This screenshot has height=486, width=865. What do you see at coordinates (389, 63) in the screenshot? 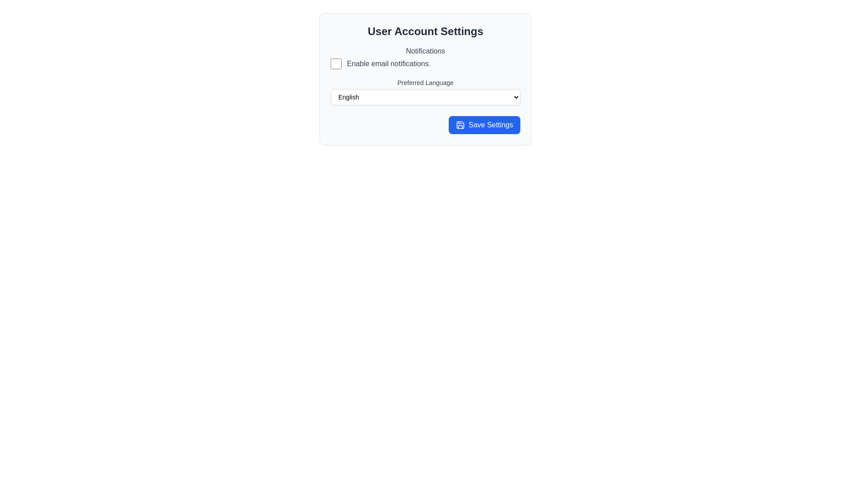
I see `the text label that indicates the functionality of the adjacent checkbox for enabling email notifications, located in the 'User Account Settings' section under 'Notifications'` at bounding box center [389, 63].